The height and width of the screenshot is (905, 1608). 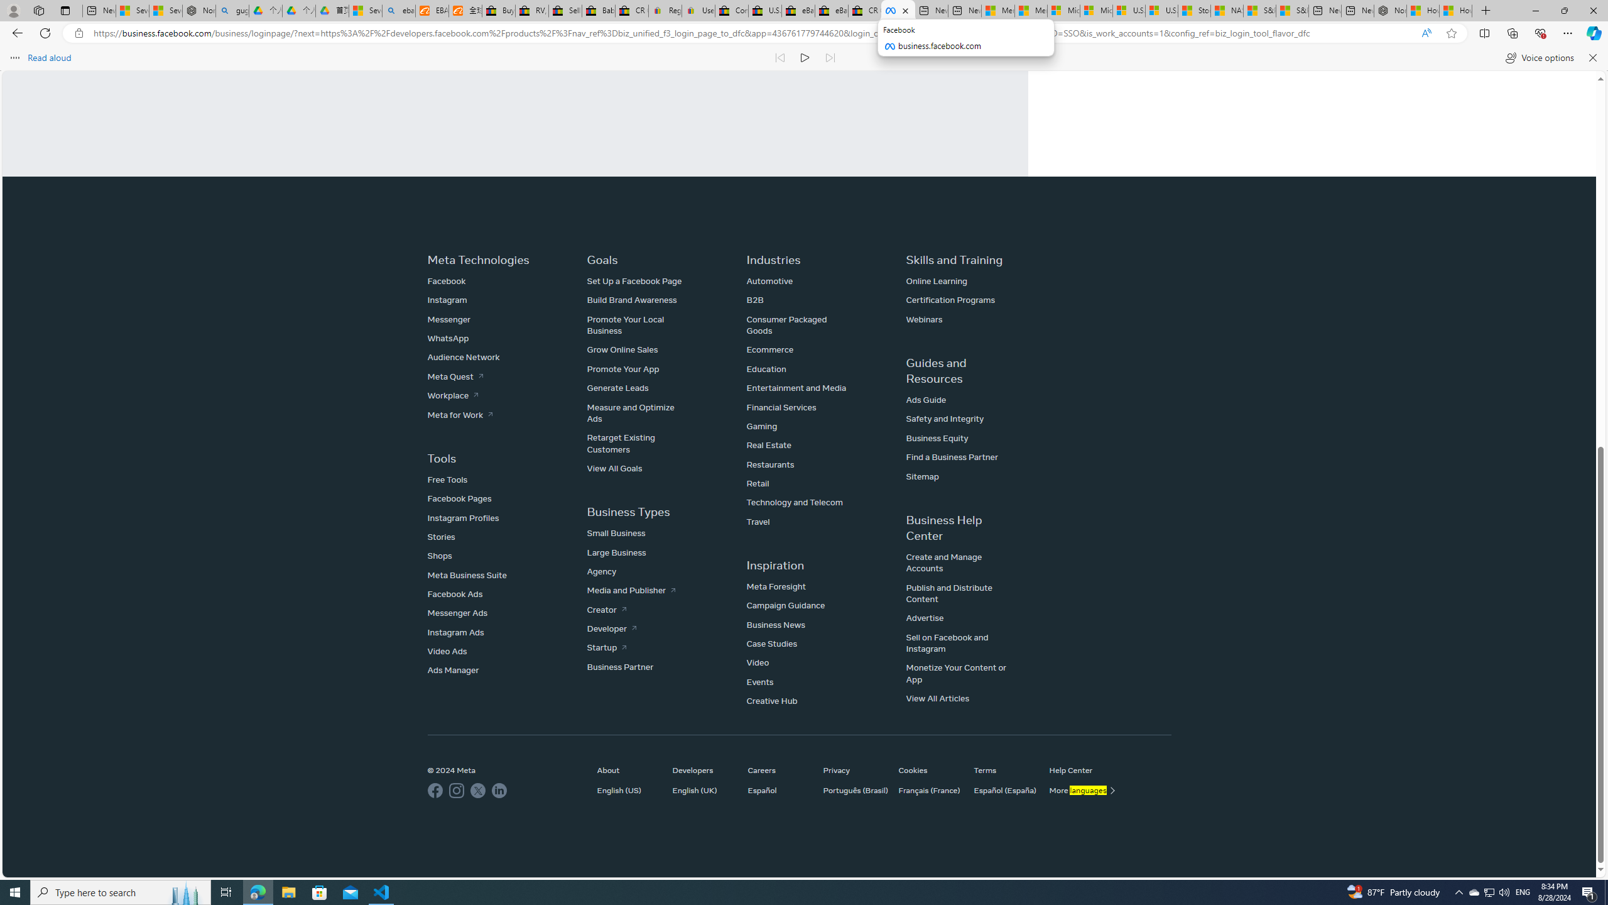 I want to click on 'Video', so click(x=758, y=662).